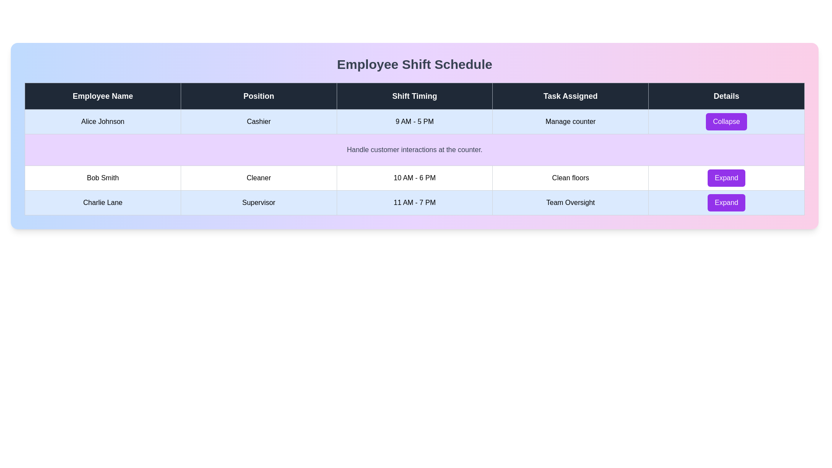 This screenshot has width=832, height=468. I want to click on displayed text 'Charlie Lane' from the Text Label located in the 'Employee Name' column of the table, which has a light blue background and is bordered by a thin gray line, so click(103, 202).